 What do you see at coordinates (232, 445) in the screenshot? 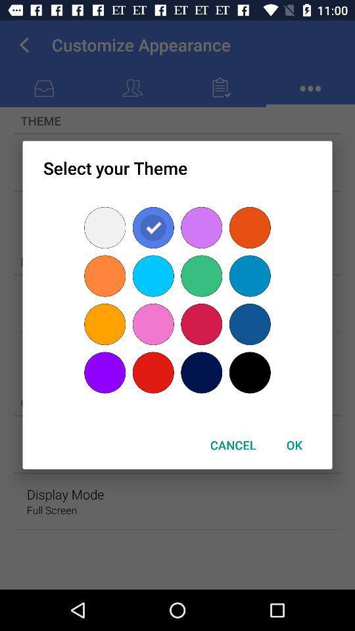
I see `the cancel icon` at bounding box center [232, 445].